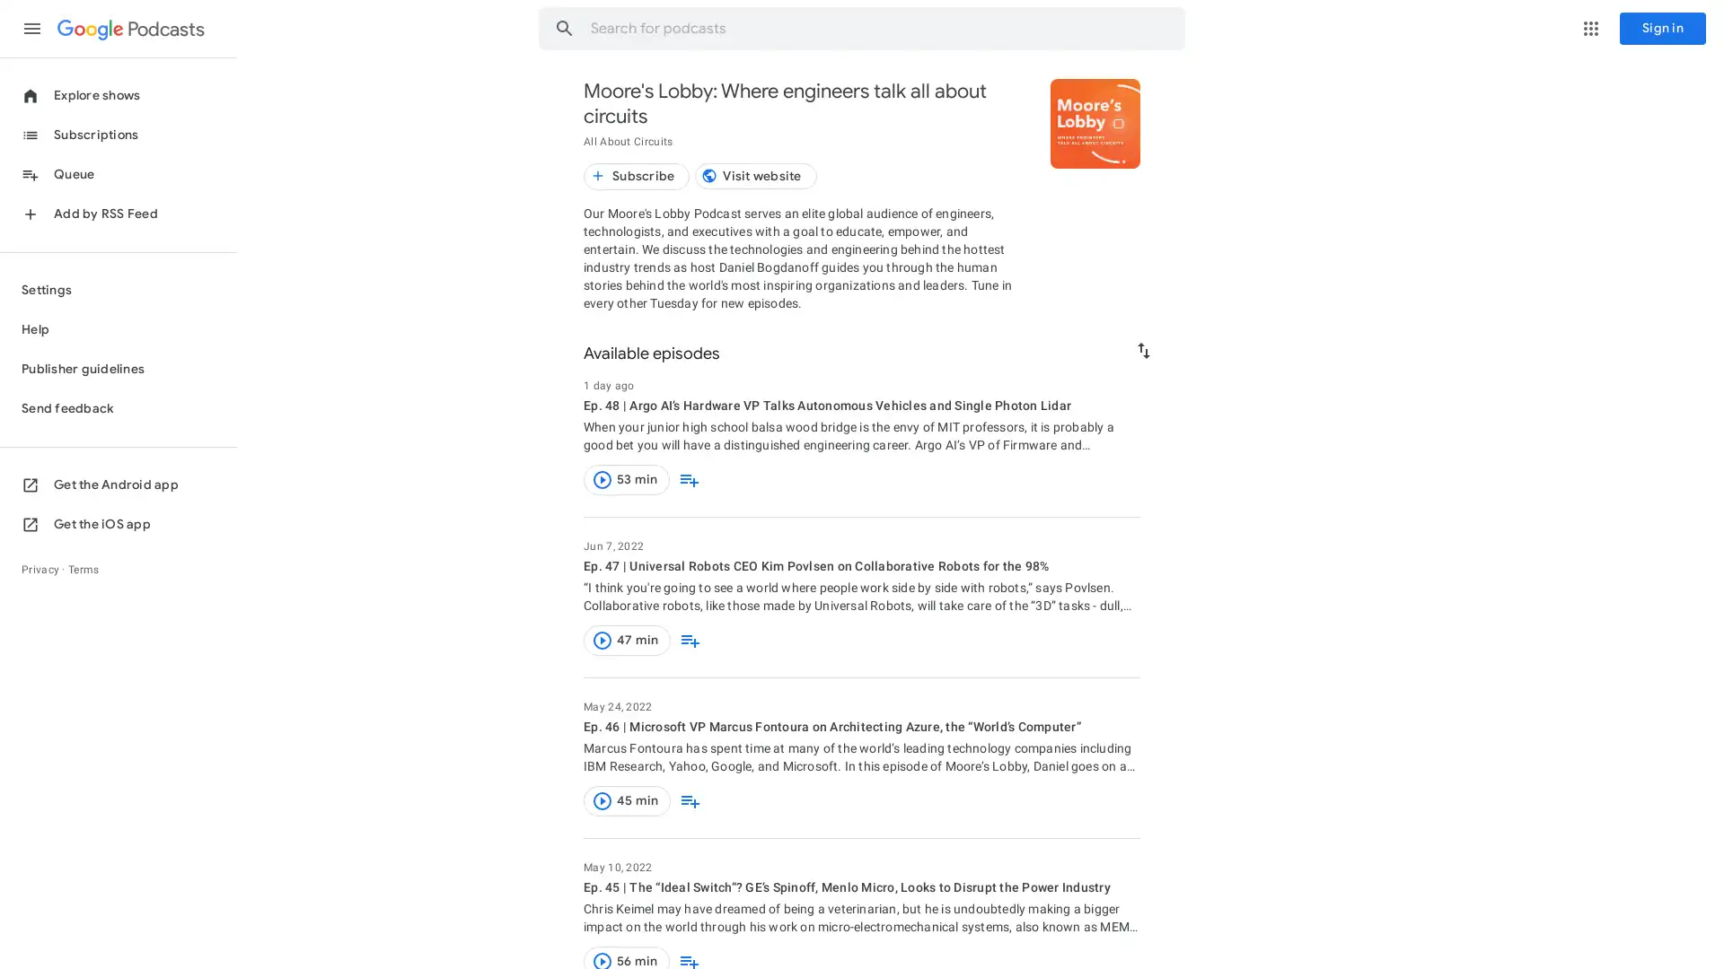 Image resolution: width=1724 pixels, height=969 pixels. I want to click on Subscribe, so click(637, 176).